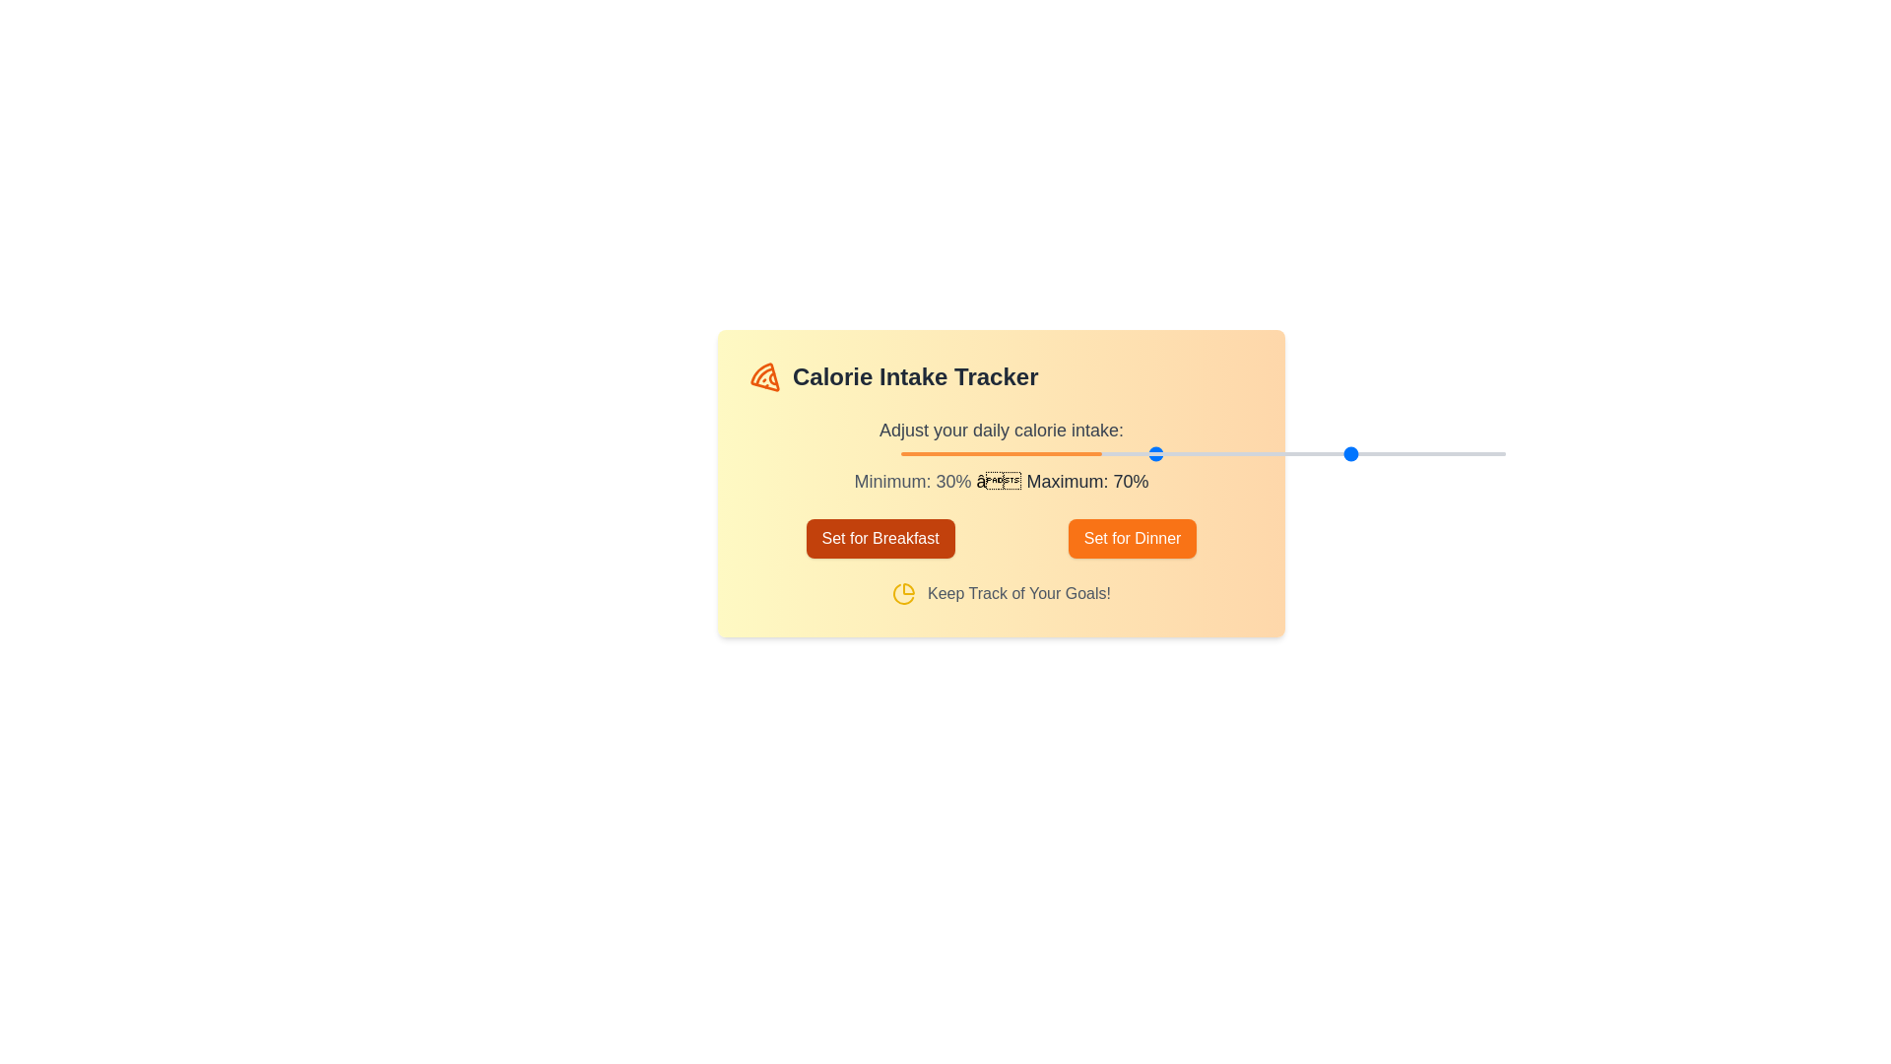  Describe the element at coordinates (903, 592) in the screenshot. I see `the yellow pie chart segment icon located to the left of the text 'Keep Track of Your Goals!' in the lower-right section of the interface` at that location.